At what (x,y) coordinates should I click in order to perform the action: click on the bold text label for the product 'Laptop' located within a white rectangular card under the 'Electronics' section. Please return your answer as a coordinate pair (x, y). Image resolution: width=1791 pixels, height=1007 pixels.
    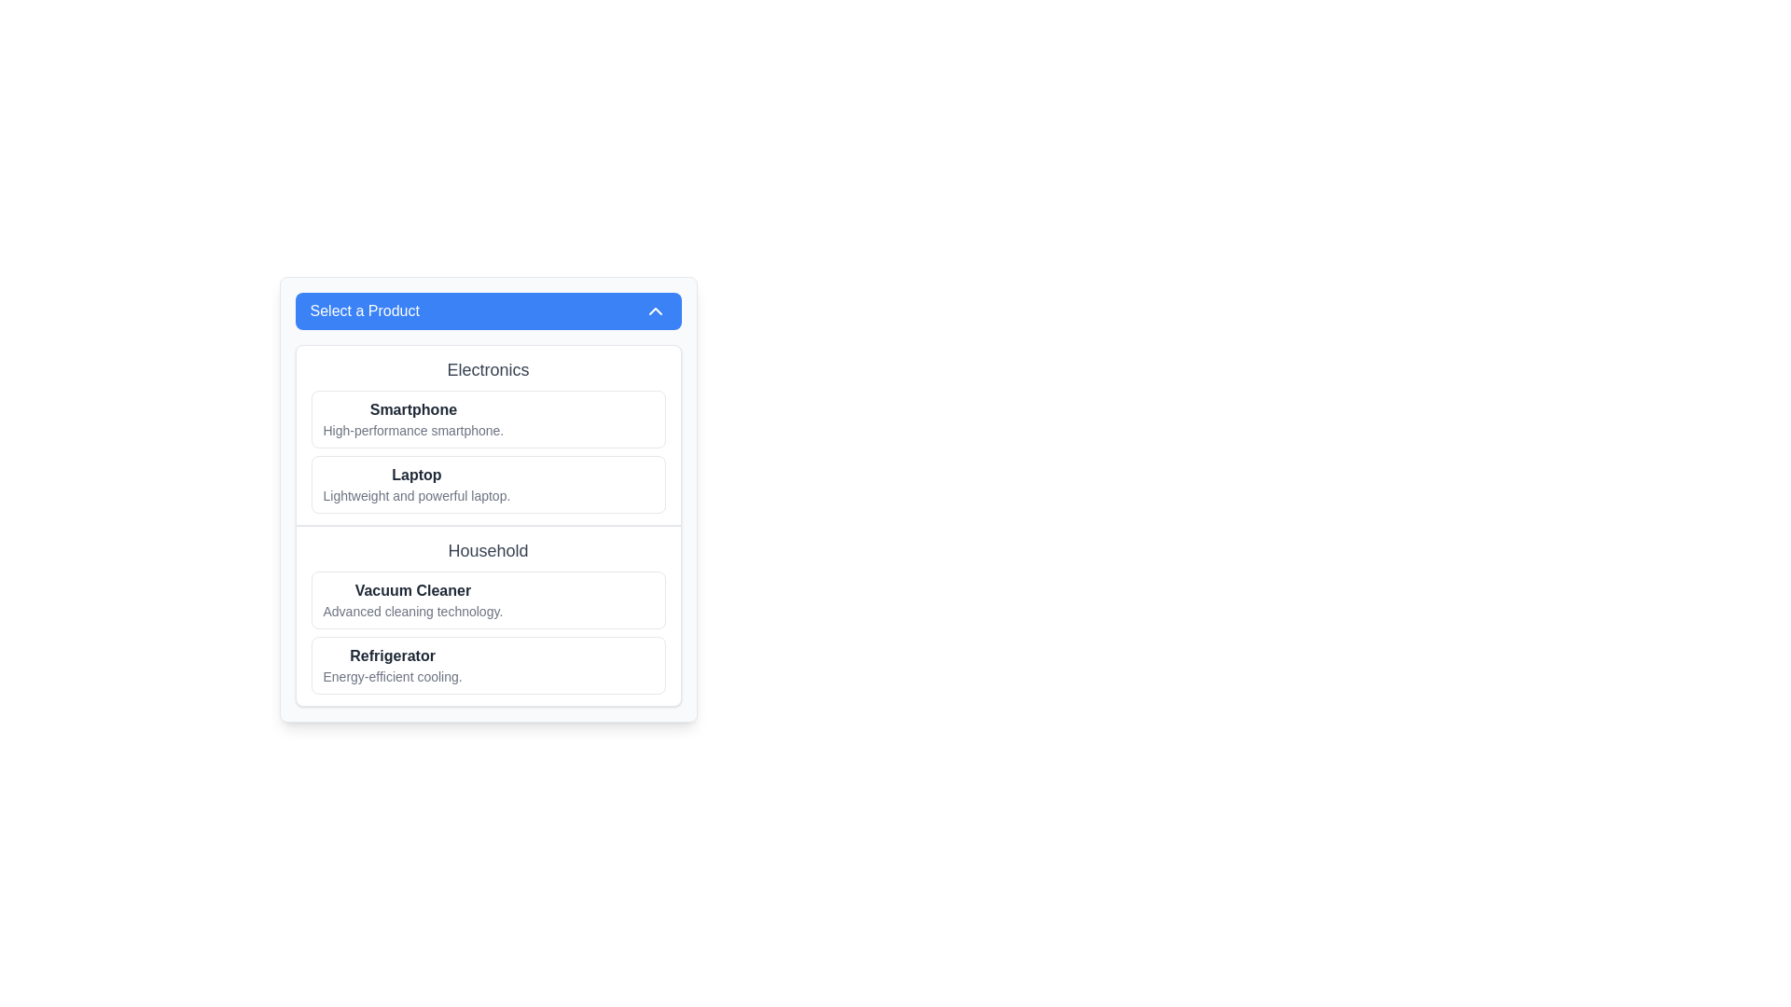
    Looking at the image, I should click on (415, 474).